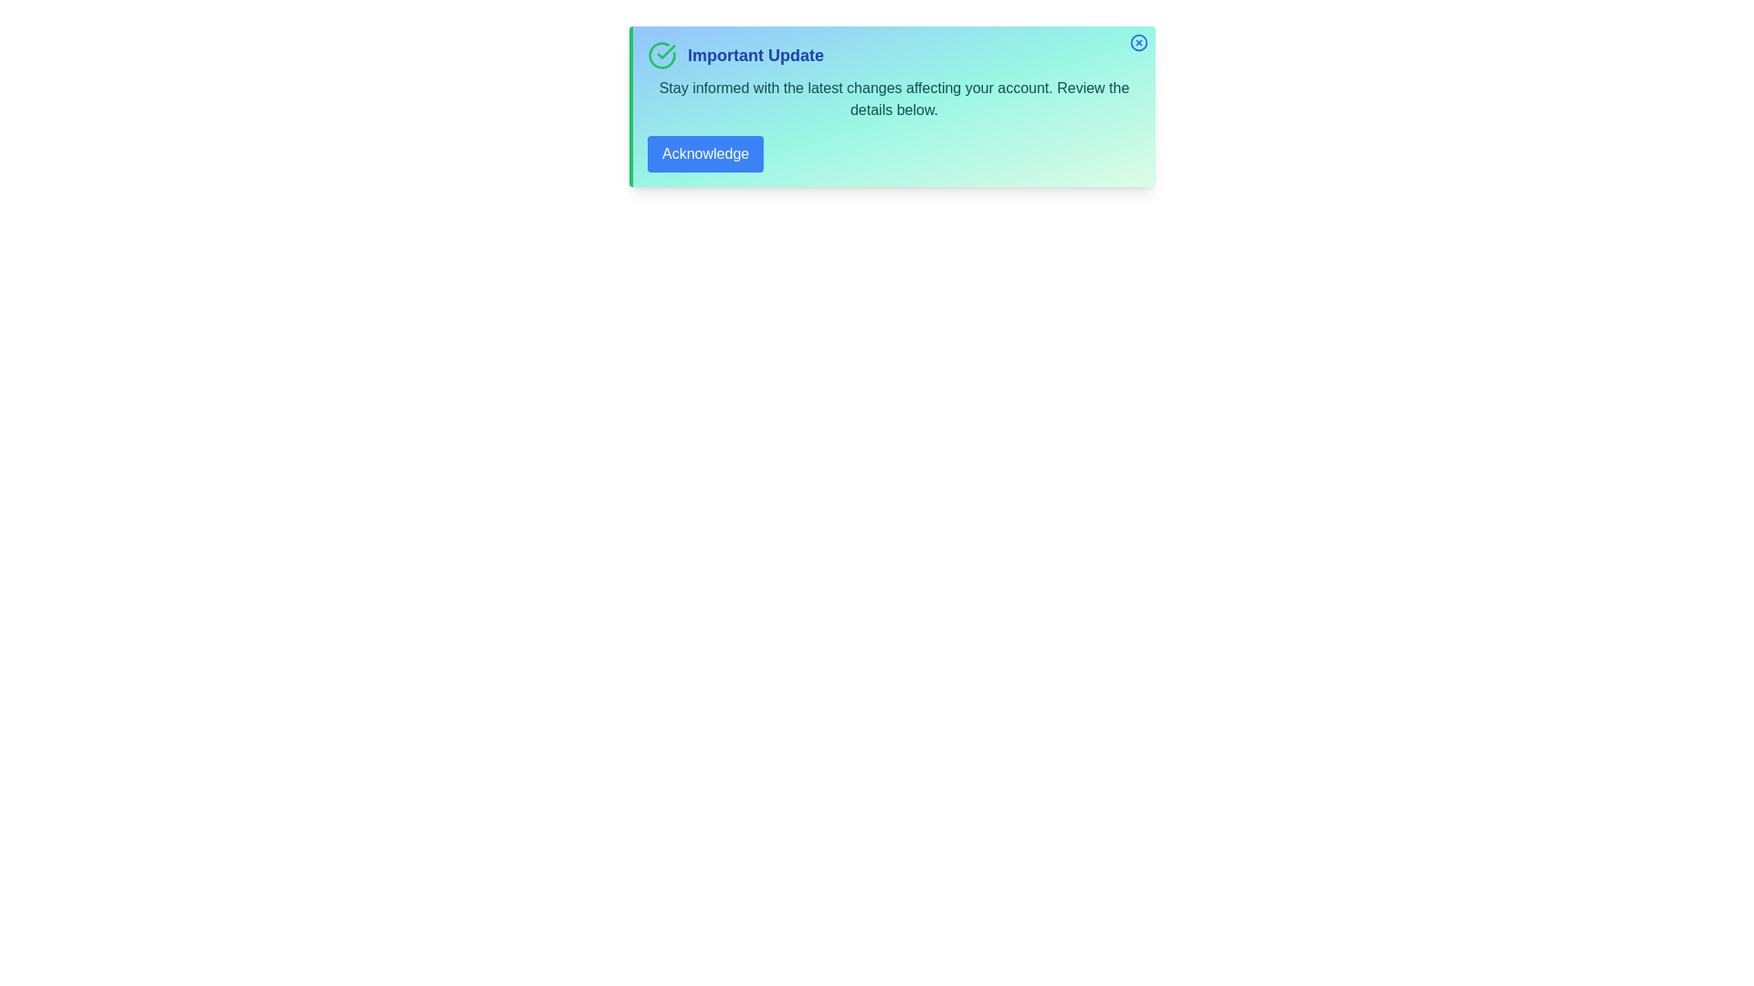 The height and width of the screenshot is (986, 1754). What do you see at coordinates (704, 153) in the screenshot?
I see `the 'Acknowledge' button to acknowledge the update` at bounding box center [704, 153].